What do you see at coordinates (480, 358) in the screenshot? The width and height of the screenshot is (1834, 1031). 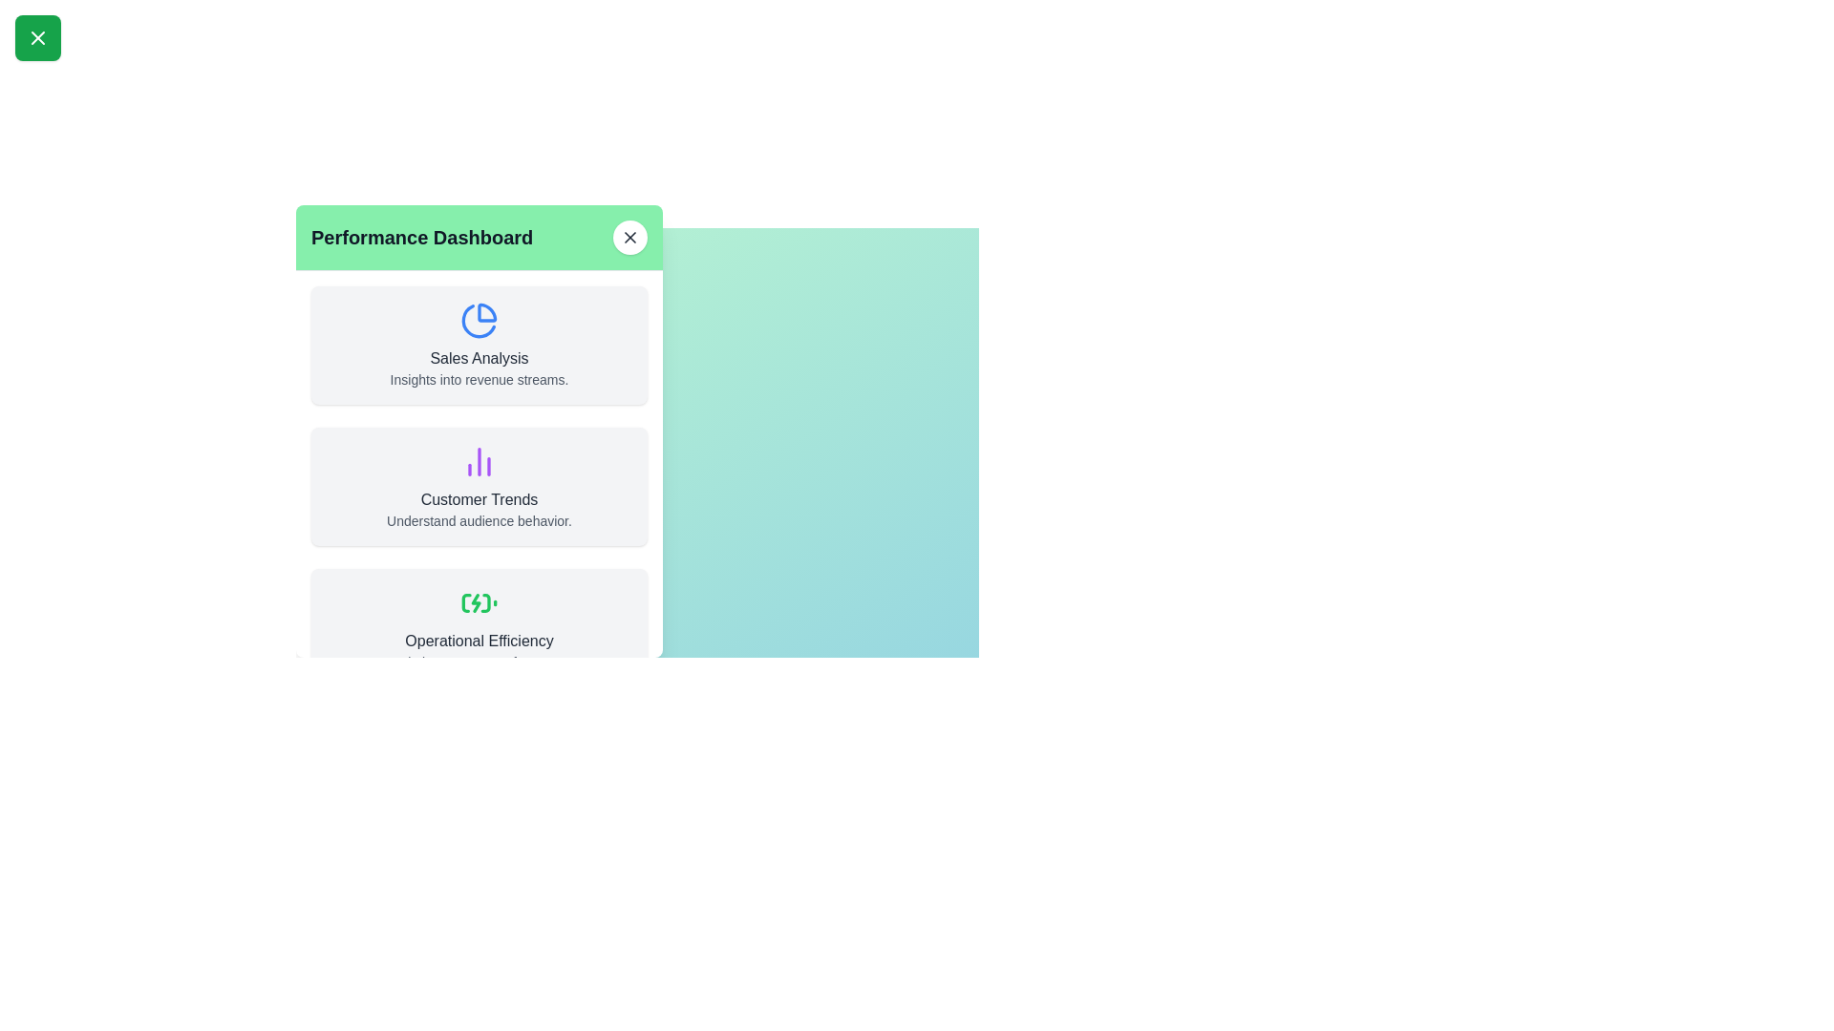 I see `the 'Sales Analysis' text label, which is displayed in gray below a blue pie-chart icon within a light gray card layout` at bounding box center [480, 358].